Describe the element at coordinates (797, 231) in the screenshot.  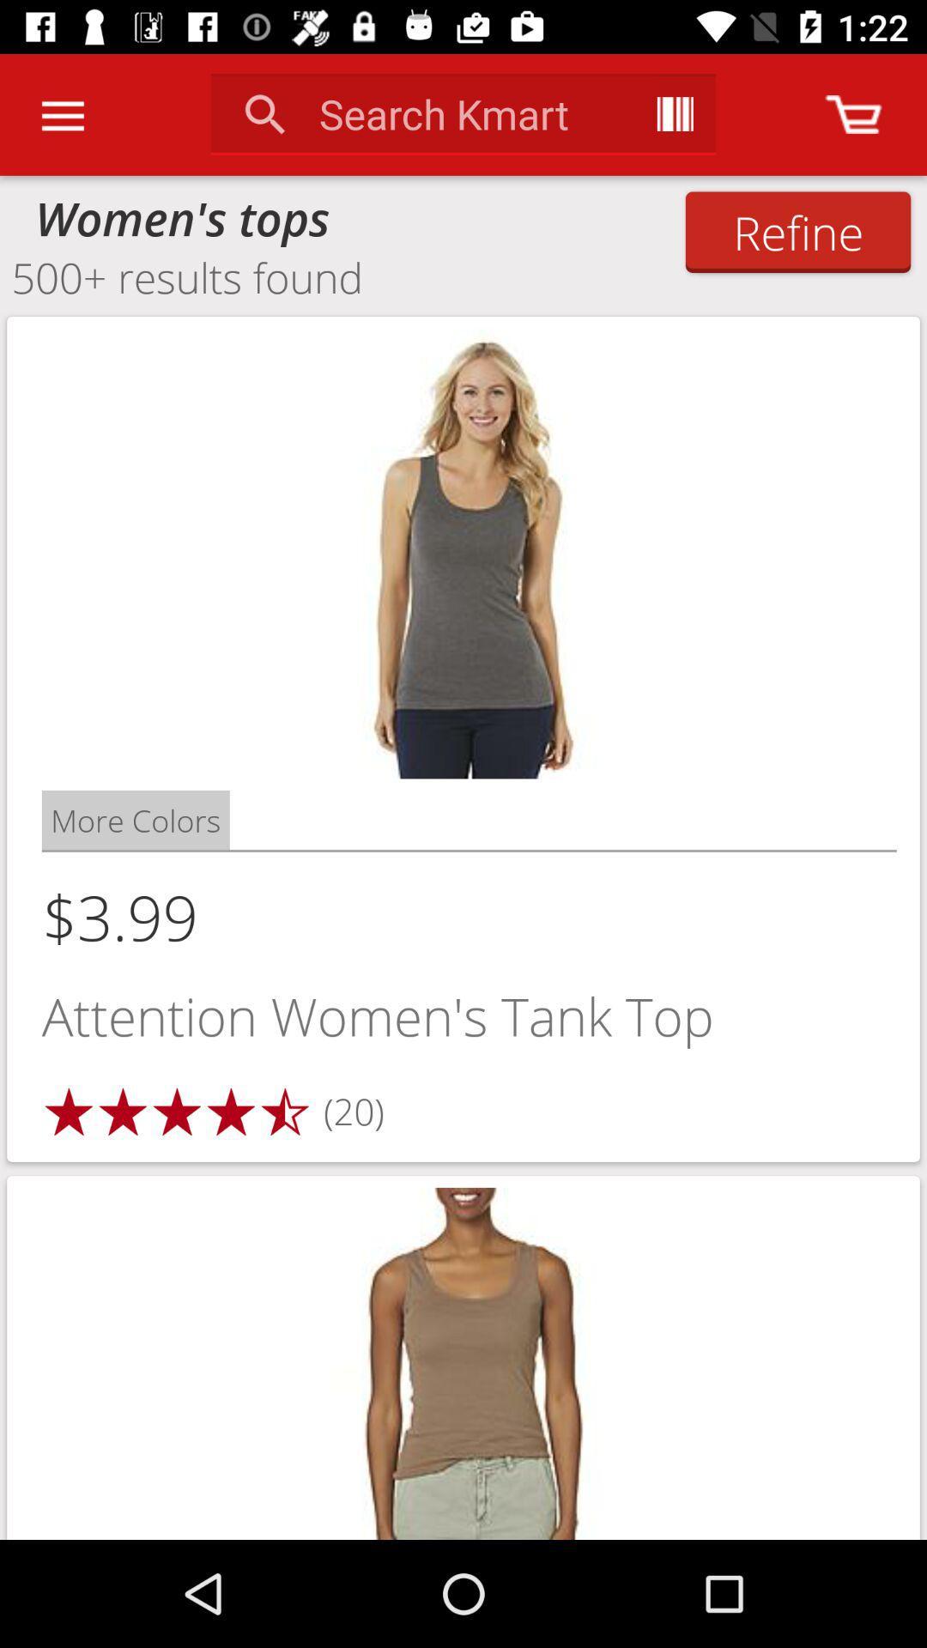
I see `the item next to  women's tops` at that location.